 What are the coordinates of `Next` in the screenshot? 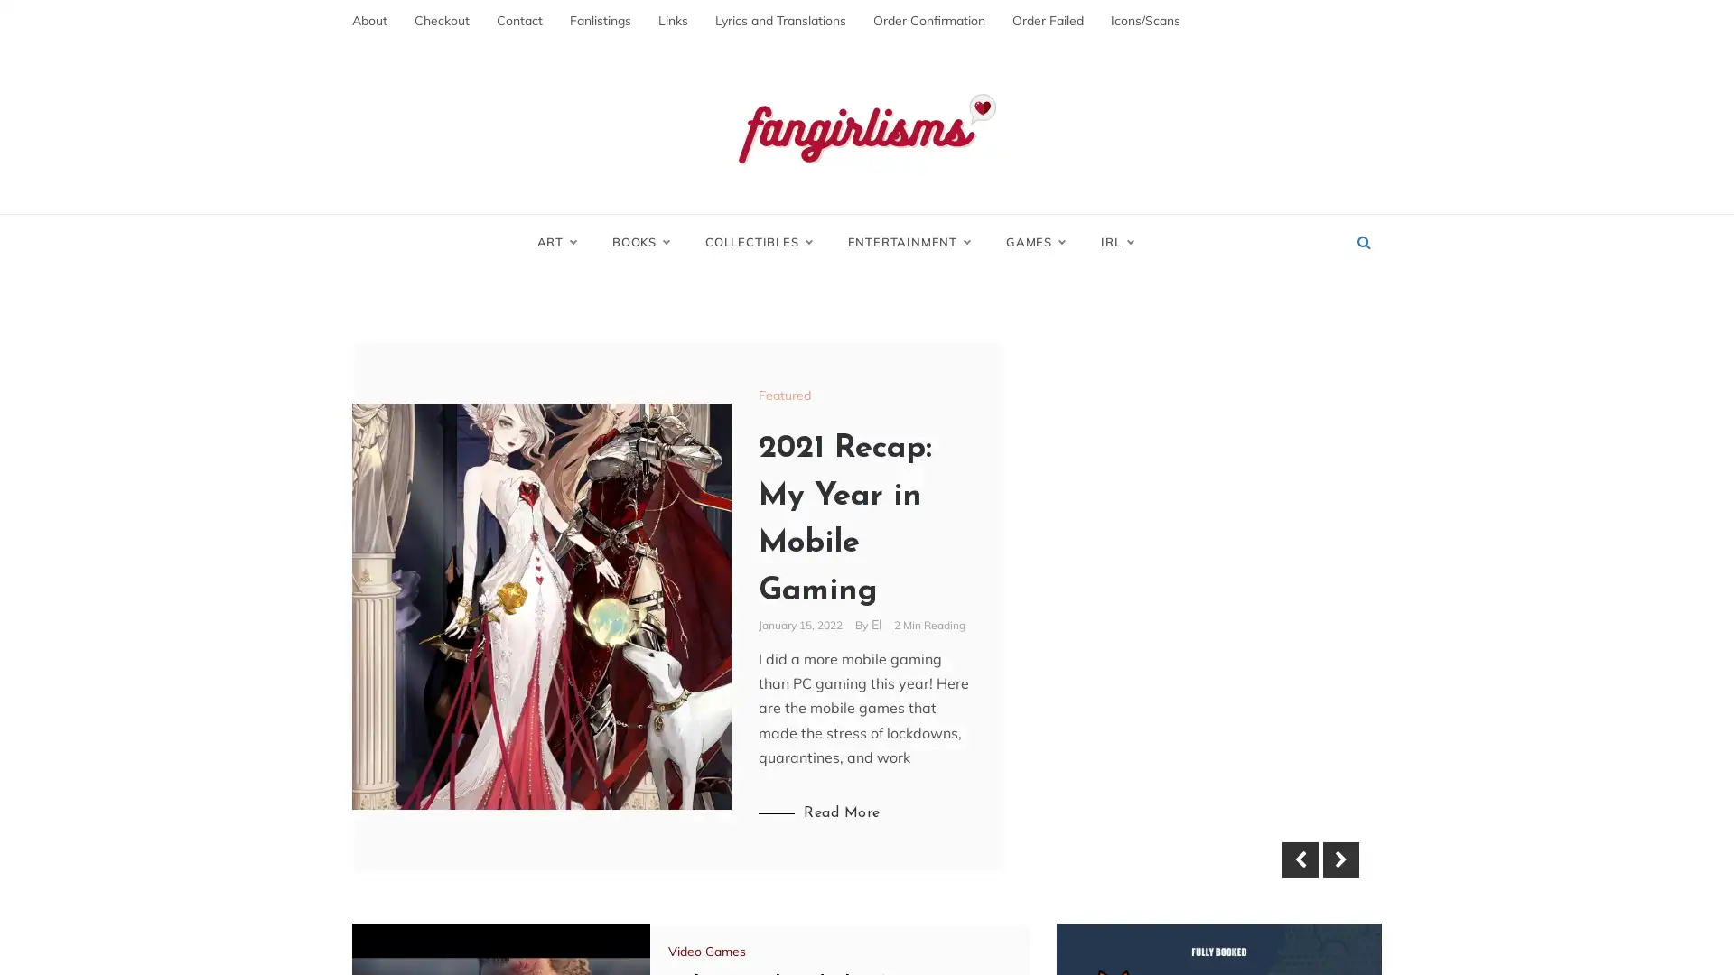 It's located at (1340, 716).